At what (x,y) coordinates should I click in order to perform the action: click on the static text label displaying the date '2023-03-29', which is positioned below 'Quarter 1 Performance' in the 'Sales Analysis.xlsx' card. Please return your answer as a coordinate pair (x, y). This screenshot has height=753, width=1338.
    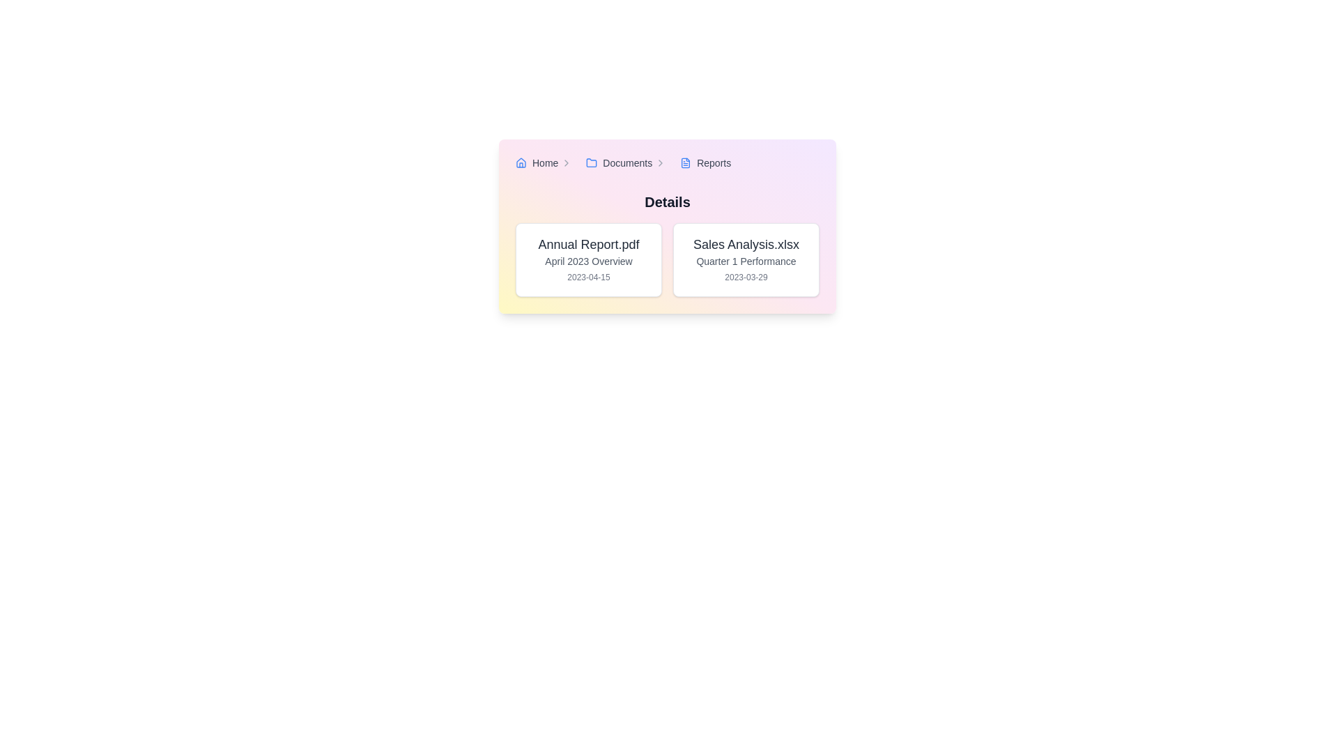
    Looking at the image, I should click on (745, 277).